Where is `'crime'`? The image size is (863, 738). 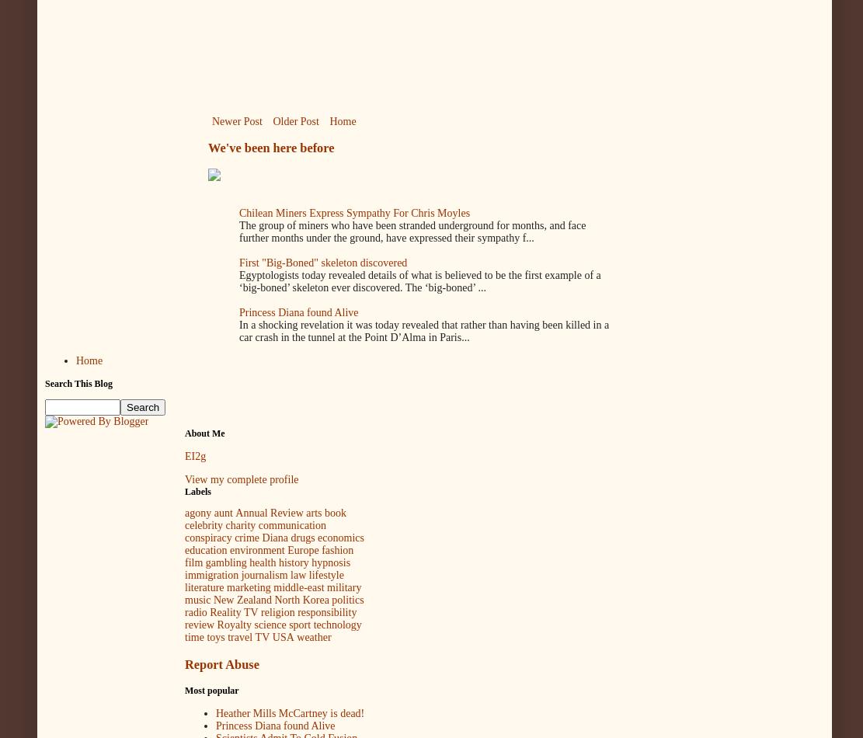 'crime' is located at coordinates (245, 538).